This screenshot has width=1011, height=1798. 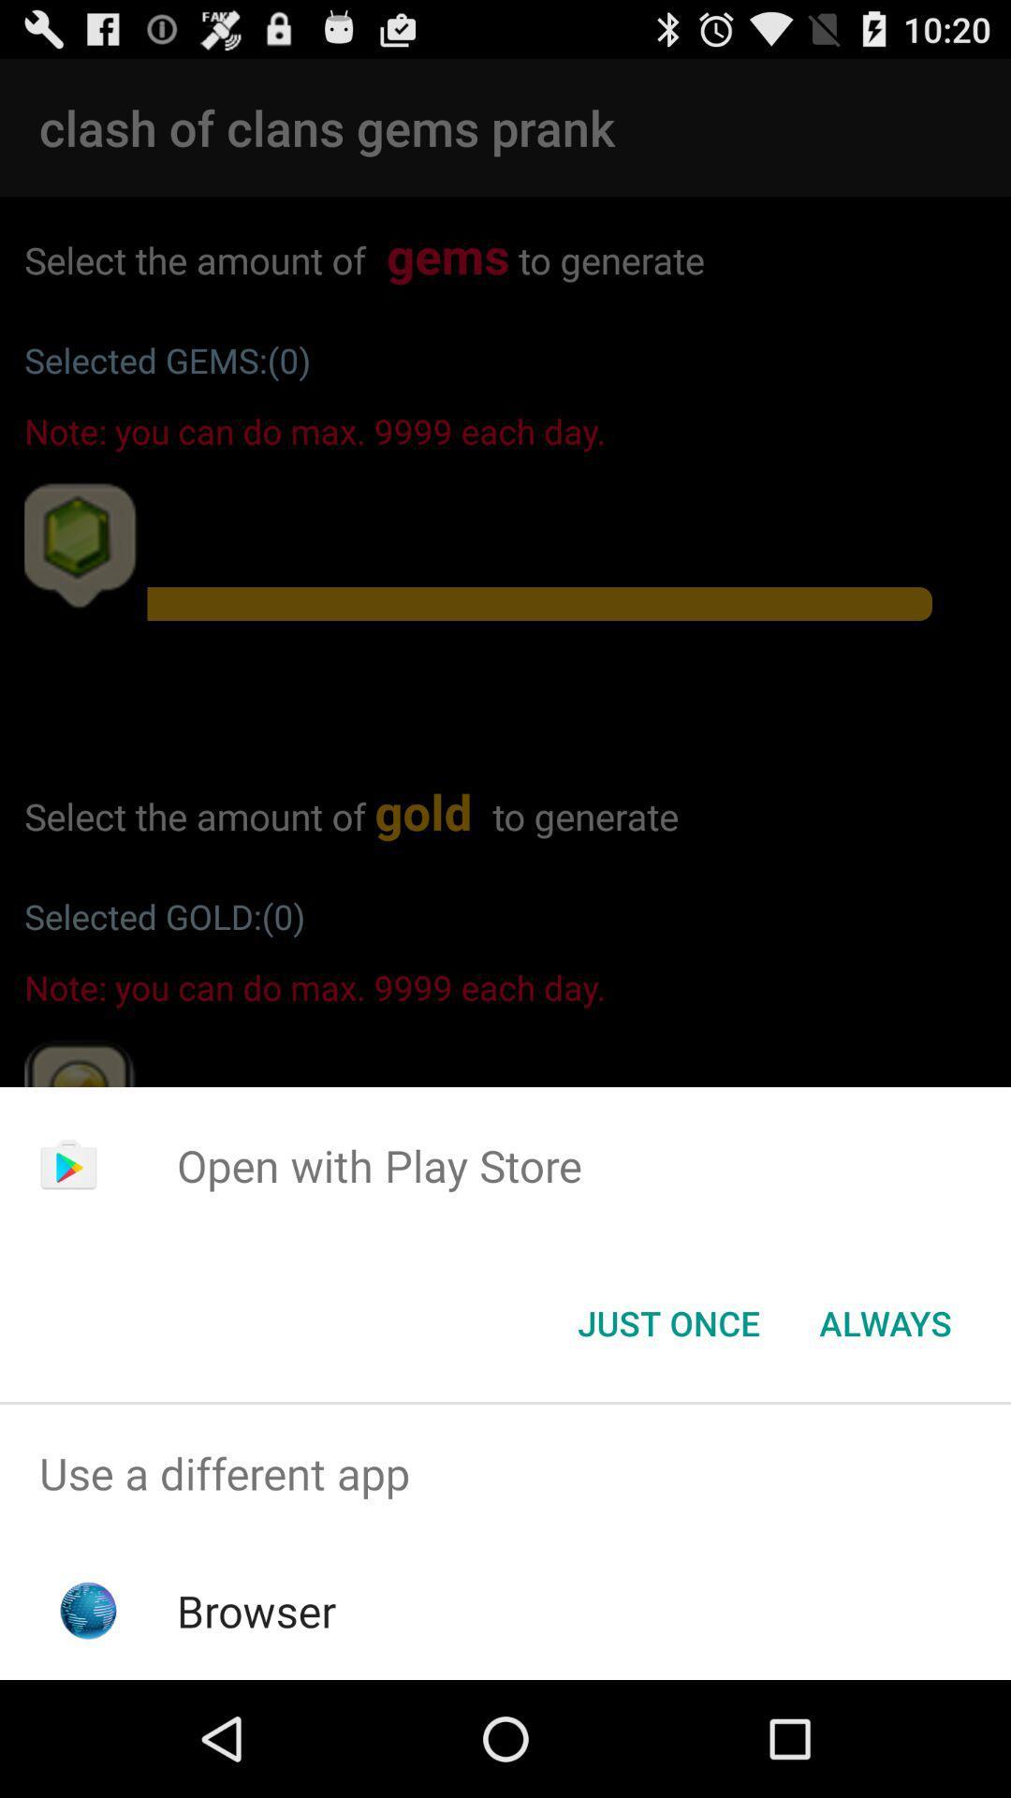 What do you see at coordinates (505, 1472) in the screenshot?
I see `icon above browser app` at bounding box center [505, 1472].